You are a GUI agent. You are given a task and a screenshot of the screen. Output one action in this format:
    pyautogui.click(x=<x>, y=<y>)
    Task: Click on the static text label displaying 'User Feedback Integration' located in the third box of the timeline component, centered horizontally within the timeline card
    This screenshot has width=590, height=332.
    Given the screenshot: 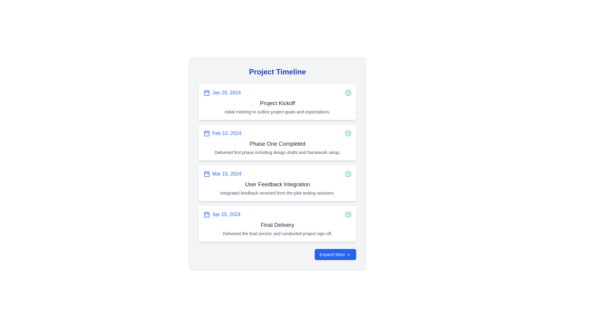 What is the action you would take?
    pyautogui.click(x=277, y=184)
    